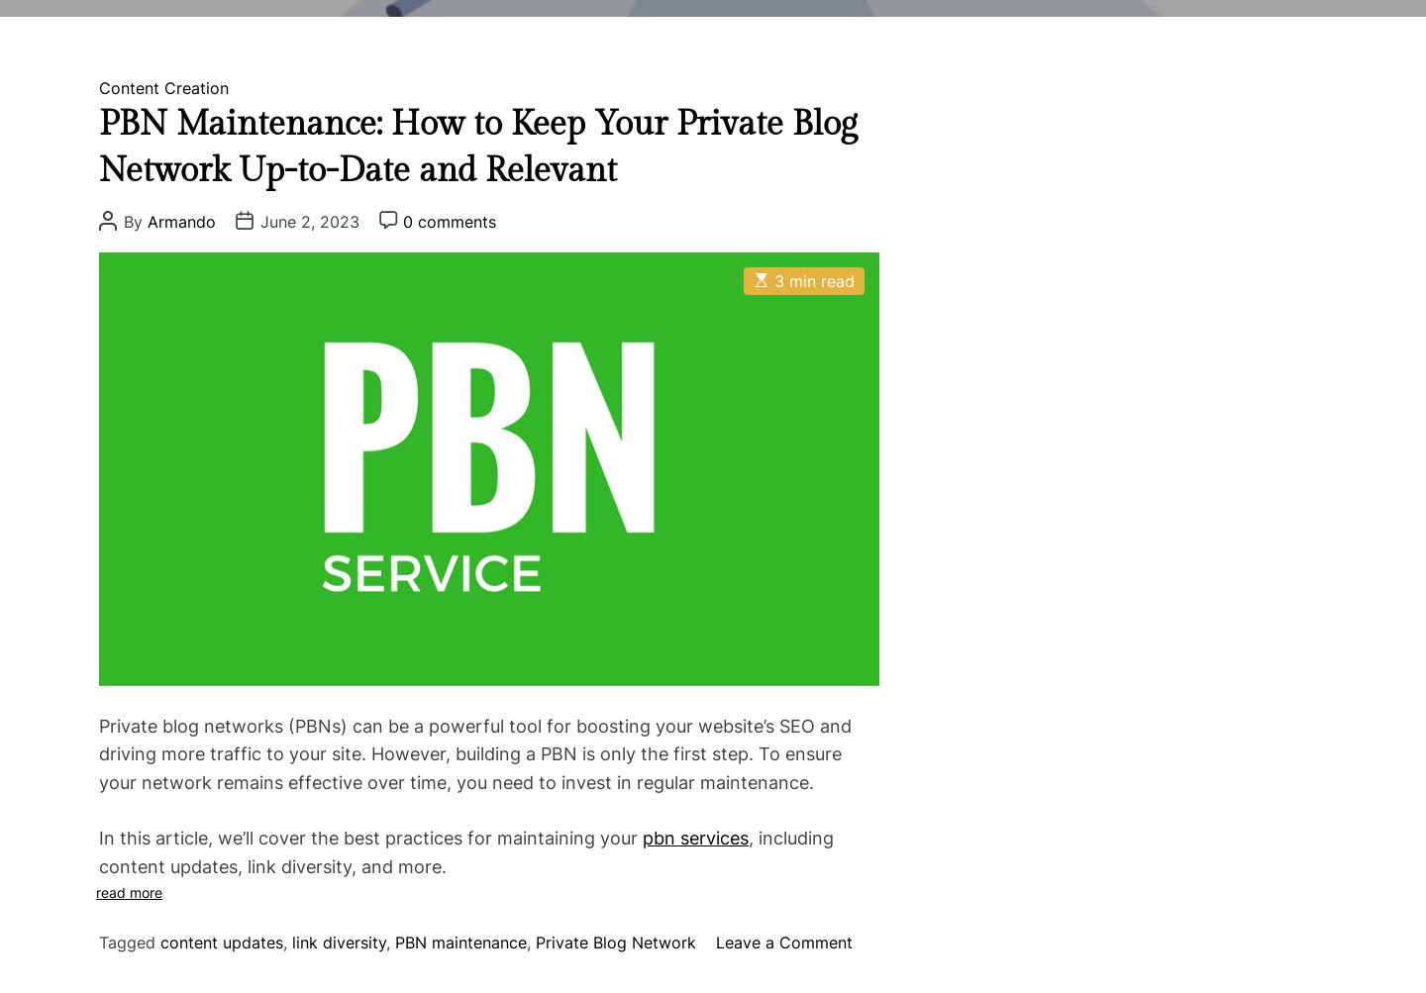 This screenshot has height=993, width=1426. What do you see at coordinates (586, 448) in the screenshot?
I see `'Keyword Research'` at bounding box center [586, 448].